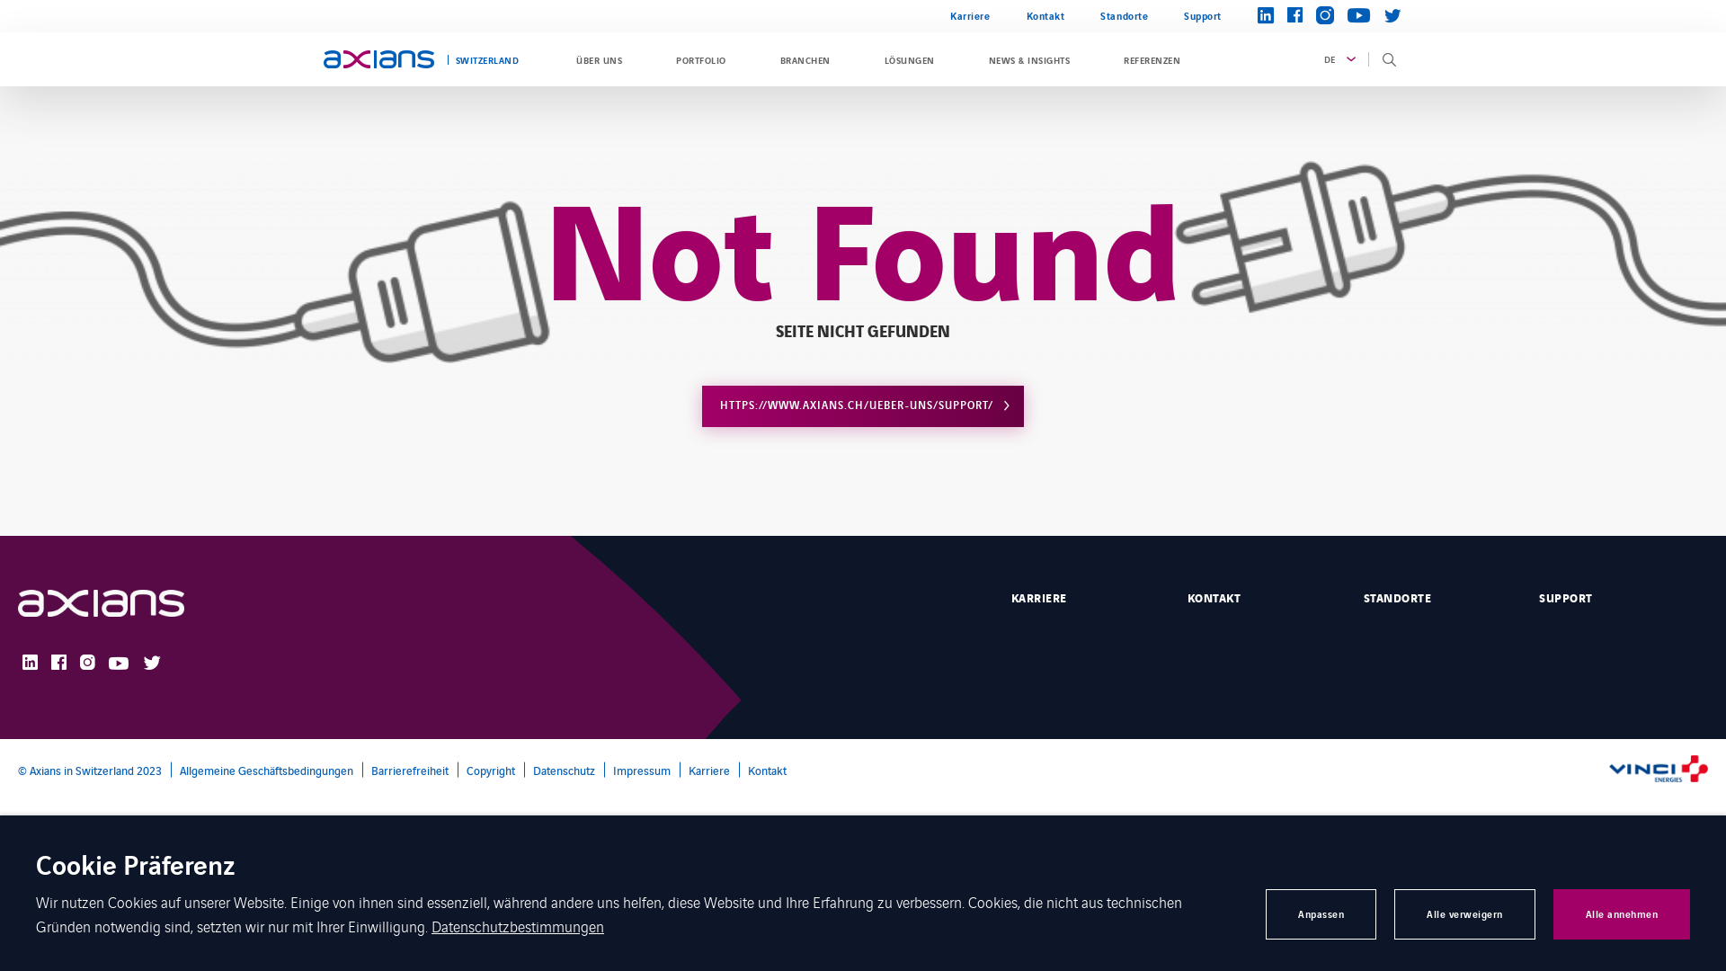 This screenshot has height=971, width=1726. What do you see at coordinates (486, 769) in the screenshot?
I see `'Copyright'` at bounding box center [486, 769].